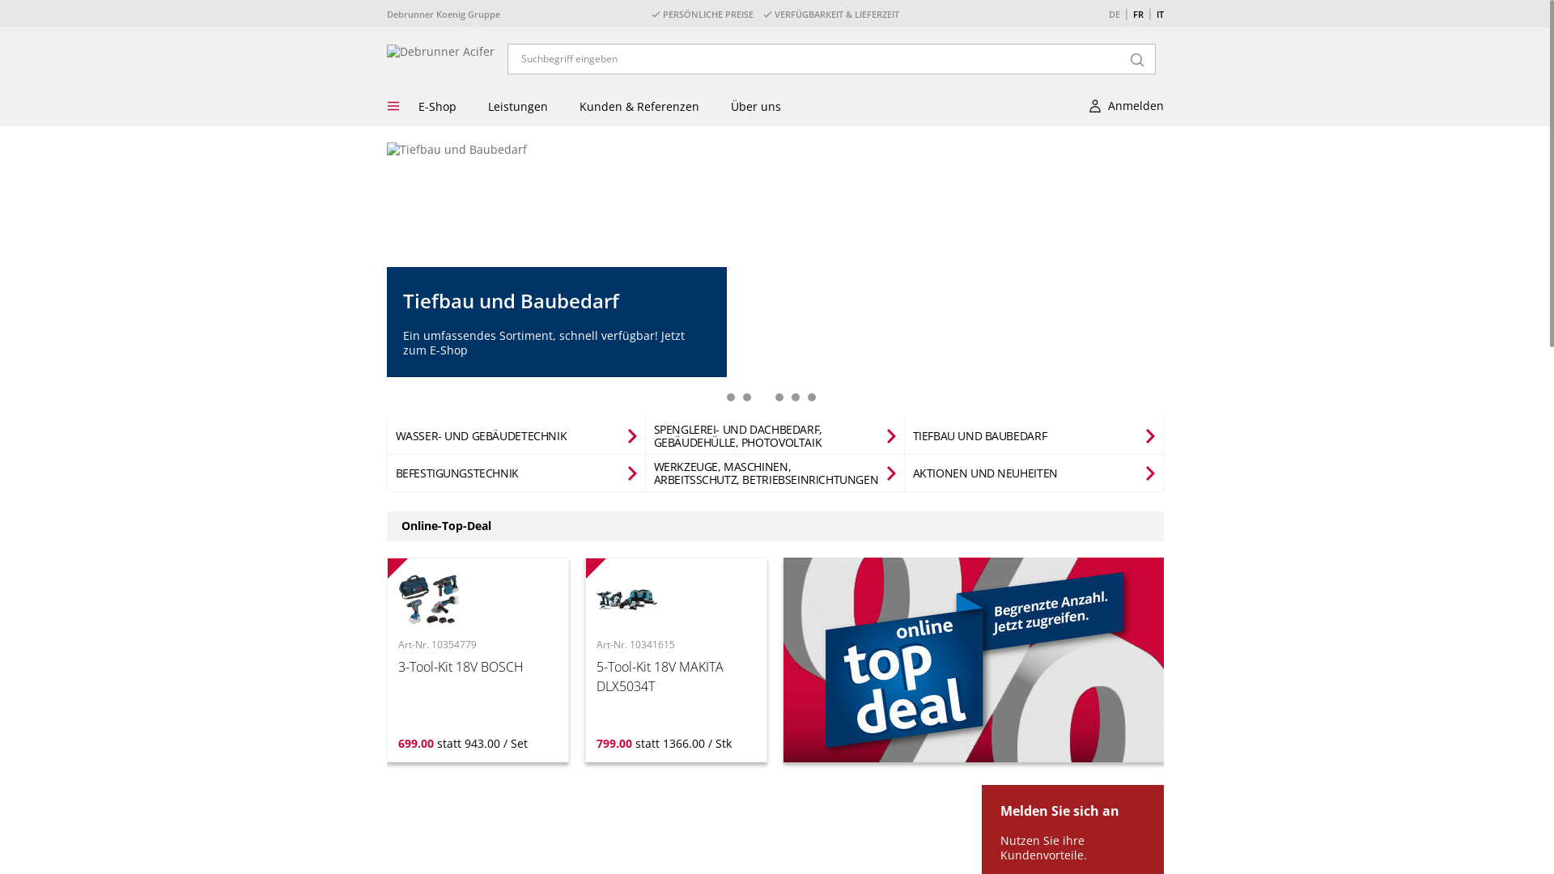  I want to click on 'Leistungen', so click(469, 106).